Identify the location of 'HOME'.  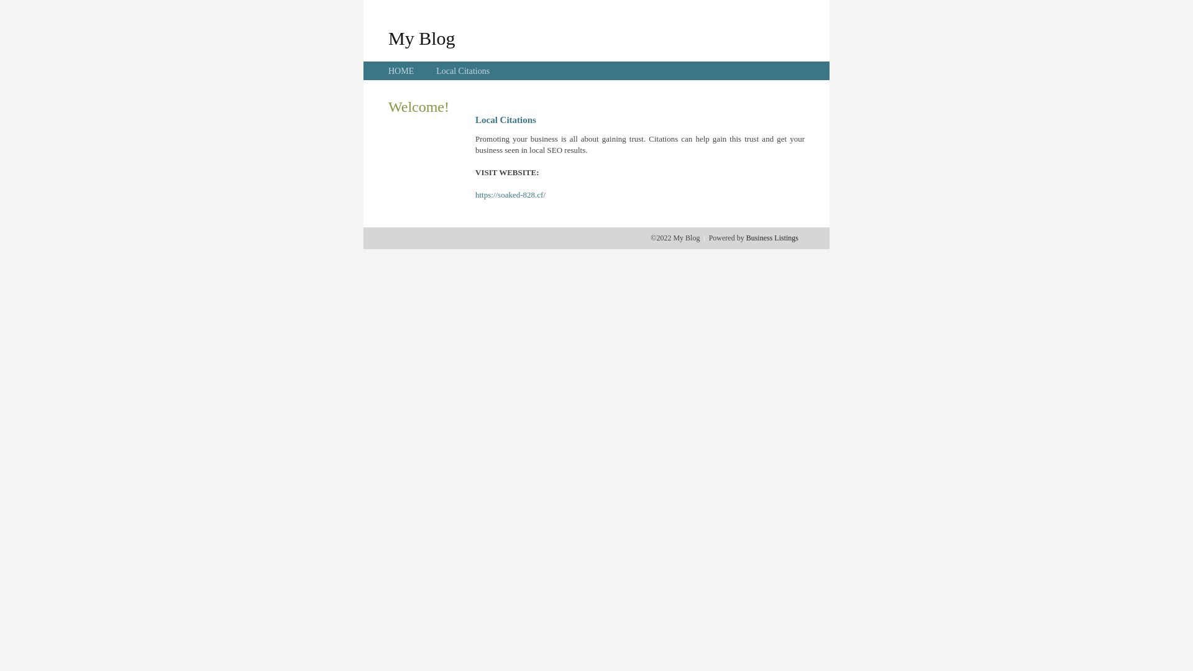
(401, 71).